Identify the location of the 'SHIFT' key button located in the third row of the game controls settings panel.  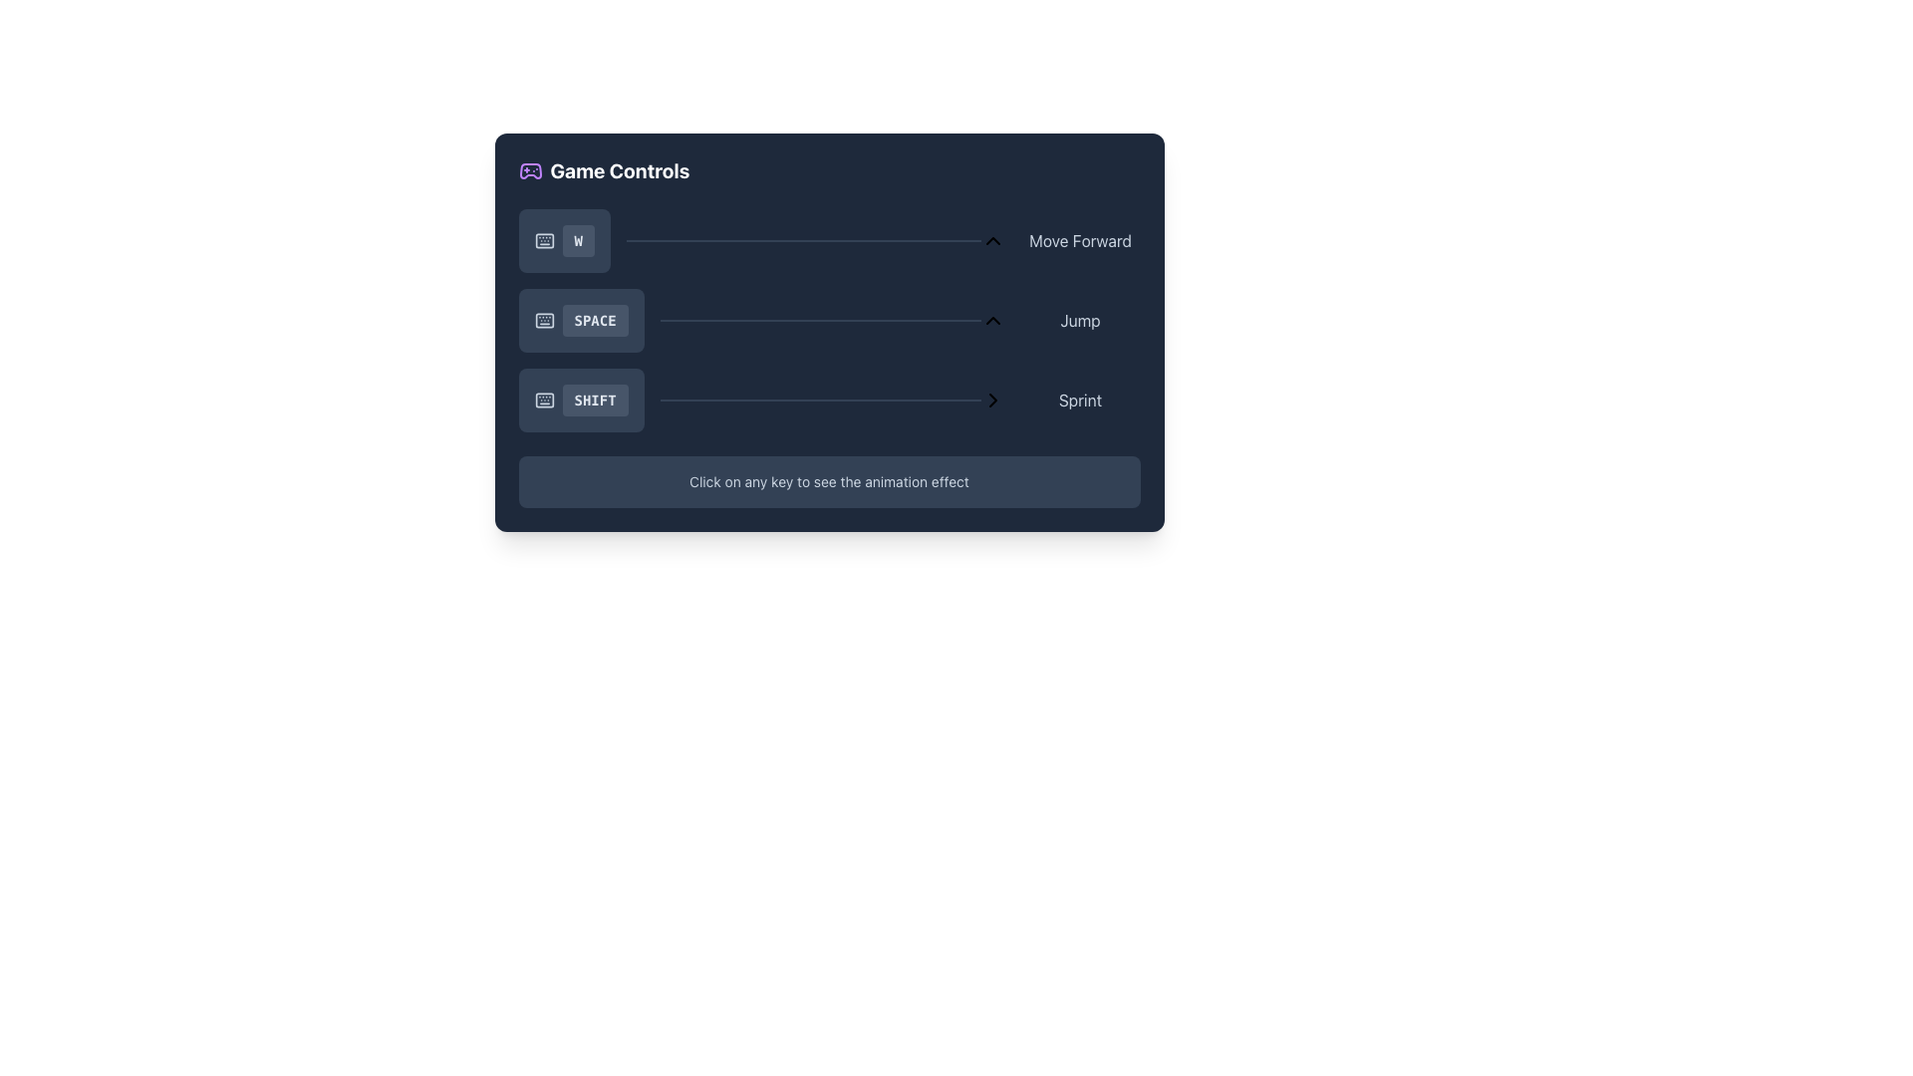
(580, 400).